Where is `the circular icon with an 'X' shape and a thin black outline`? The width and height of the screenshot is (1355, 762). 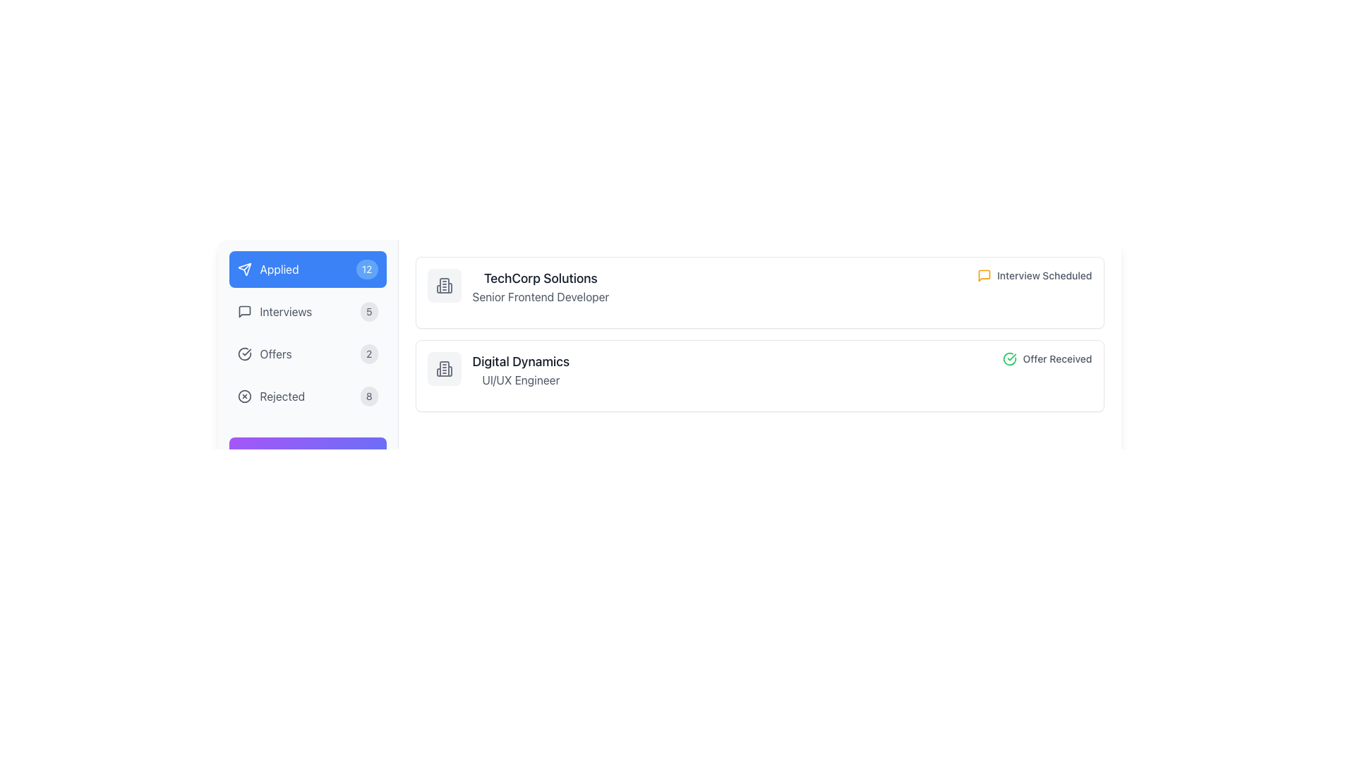 the circular icon with an 'X' shape and a thin black outline is located at coordinates (244, 397).